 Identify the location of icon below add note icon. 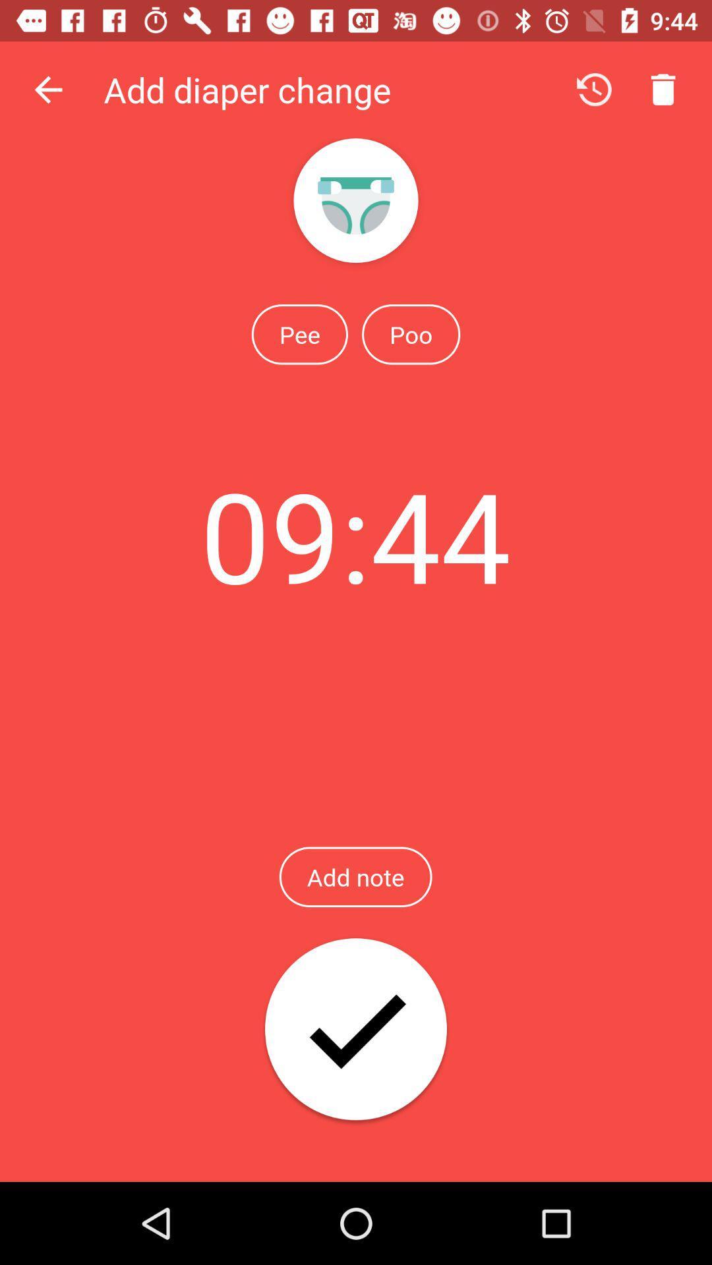
(356, 1030).